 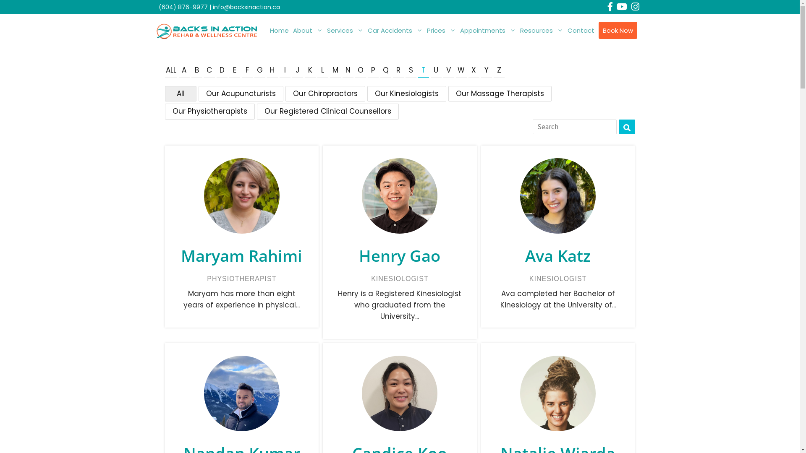 What do you see at coordinates (247, 70) in the screenshot?
I see `'F'` at bounding box center [247, 70].